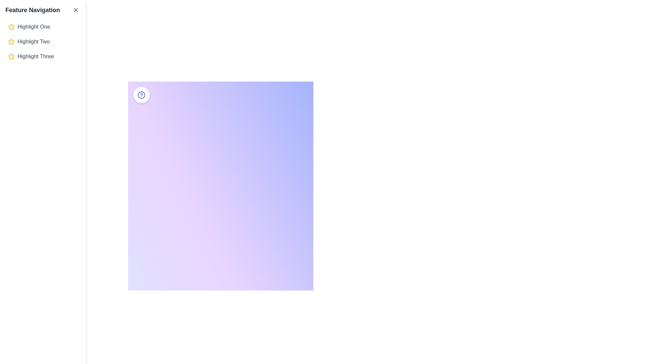  Describe the element at coordinates (141, 95) in the screenshot. I see `the SVG circle graphic element that serves as a visual component of a help or support icon, providing contextual information to the user` at that location.